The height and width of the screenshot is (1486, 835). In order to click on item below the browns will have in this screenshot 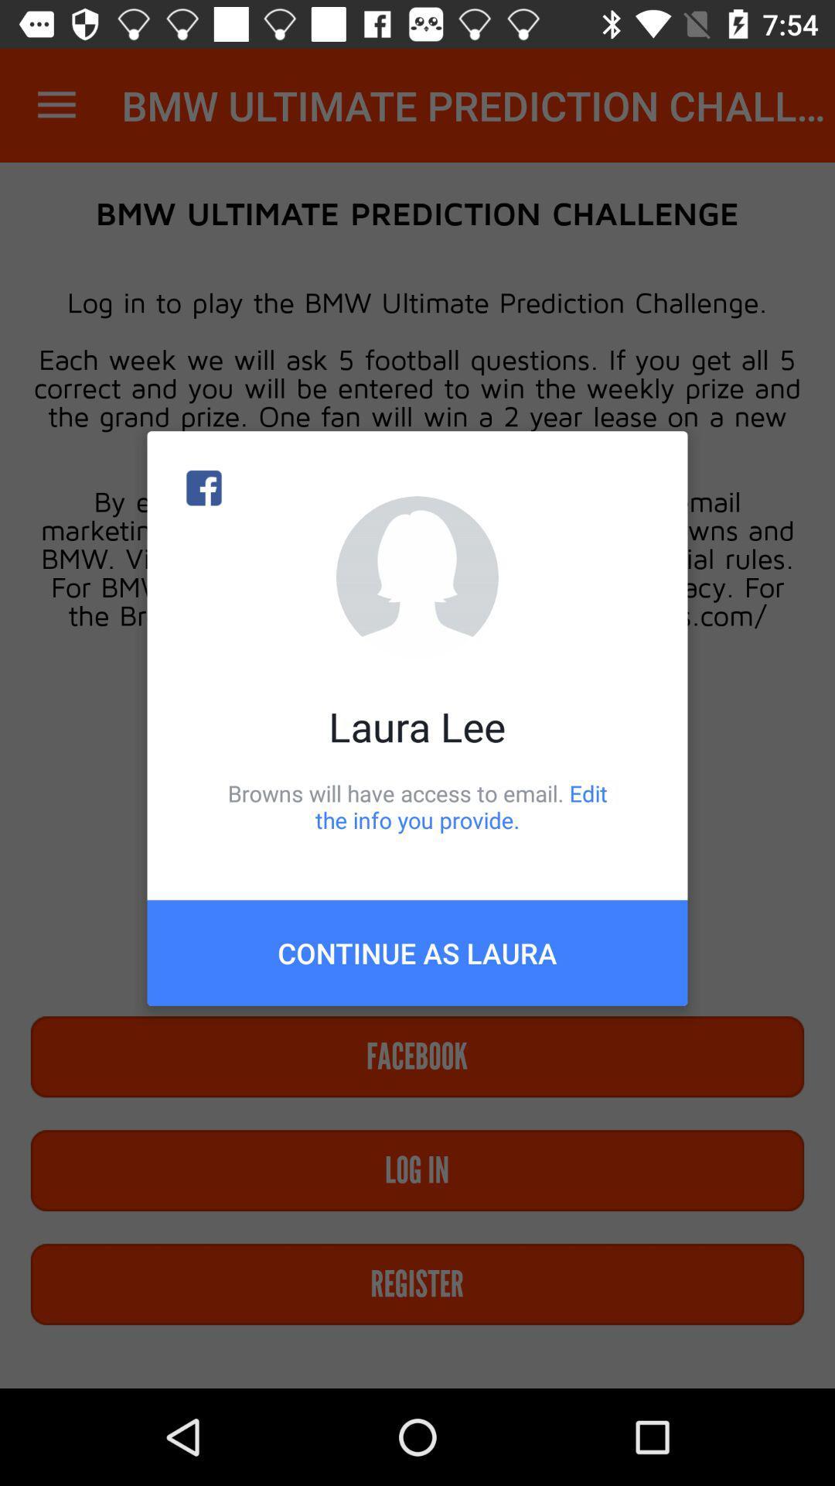, I will do `click(417, 952)`.